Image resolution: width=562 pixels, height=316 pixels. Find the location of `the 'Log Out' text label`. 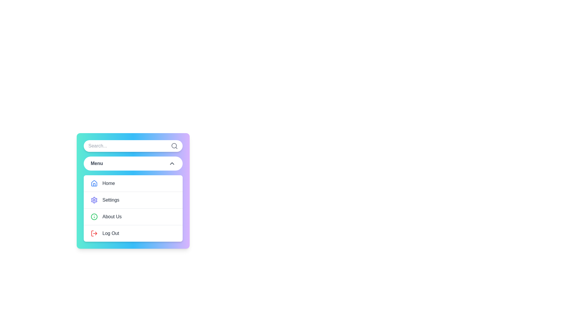

the 'Log Out' text label is located at coordinates (111, 233).